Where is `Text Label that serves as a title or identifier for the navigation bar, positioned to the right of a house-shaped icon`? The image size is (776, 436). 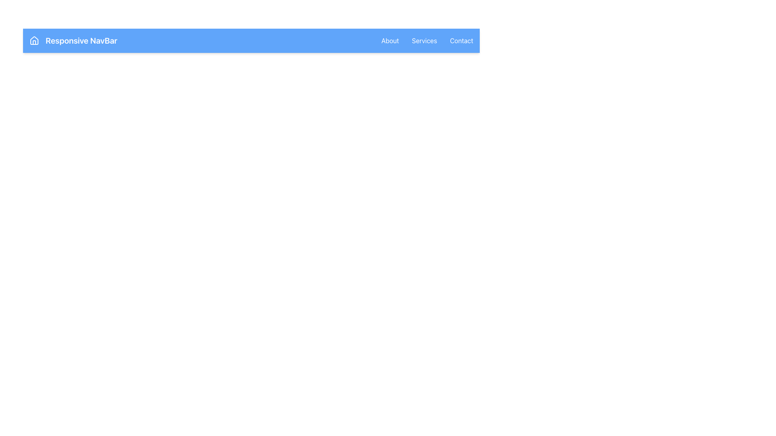
Text Label that serves as a title or identifier for the navigation bar, positioned to the right of a house-shaped icon is located at coordinates (81, 40).